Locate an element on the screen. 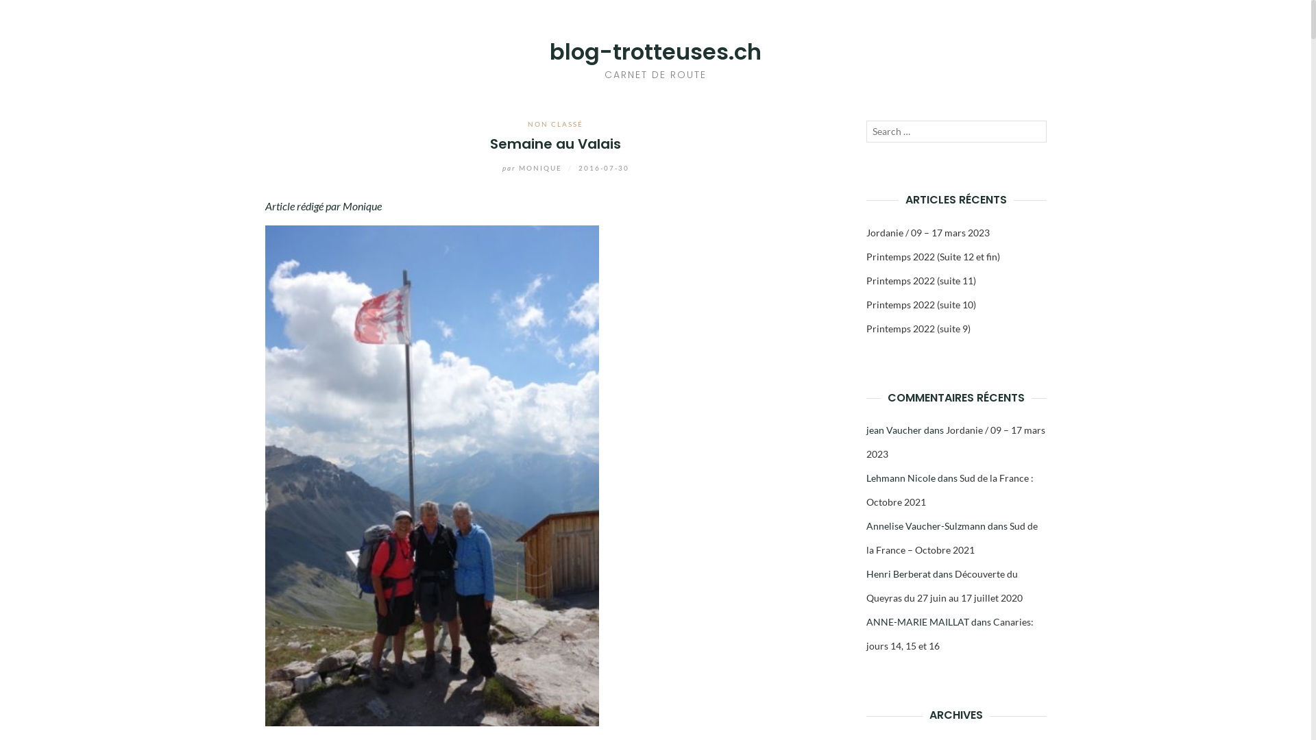 Image resolution: width=1316 pixels, height=740 pixels. 'Printemps 2022 (suite 11)' is located at coordinates (921, 280).